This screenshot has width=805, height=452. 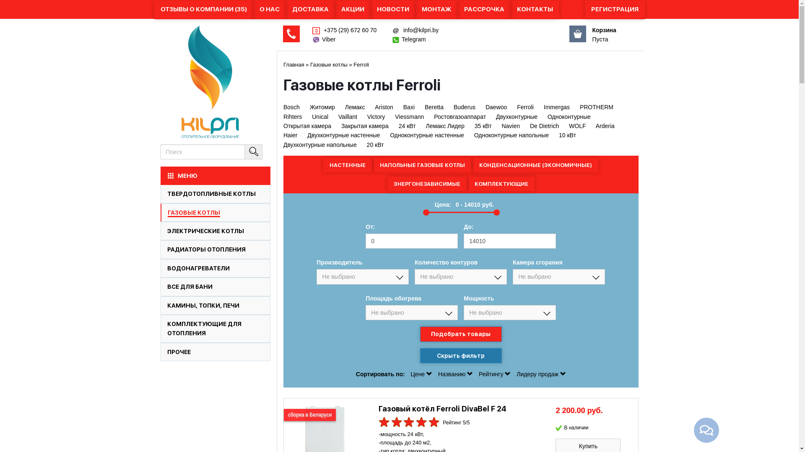 What do you see at coordinates (496, 106) in the screenshot?
I see `'Daewoo'` at bounding box center [496, 106].